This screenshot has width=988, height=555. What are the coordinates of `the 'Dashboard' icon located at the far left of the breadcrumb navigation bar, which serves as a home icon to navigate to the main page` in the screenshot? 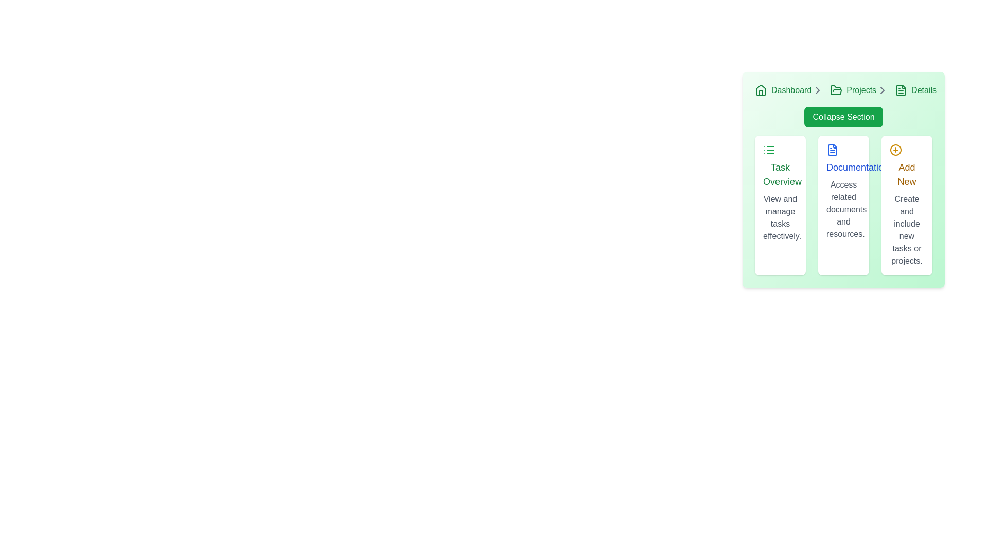 It's located at (761, 90).